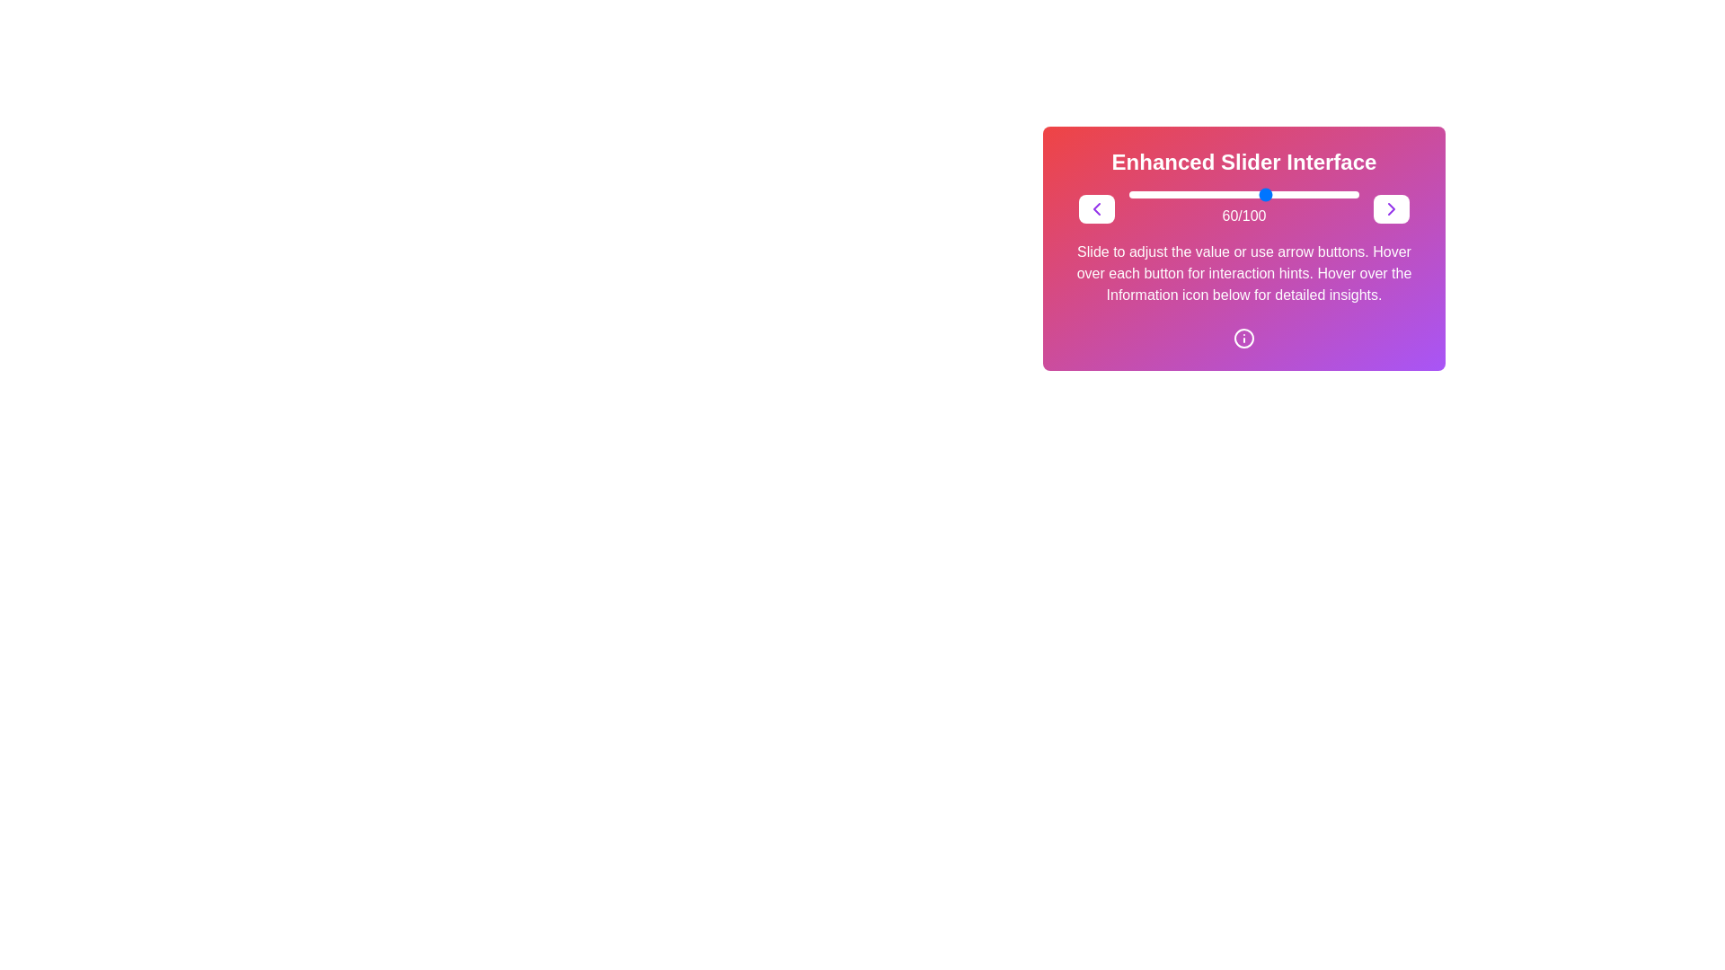 The image size is (1725, 970). What do you see at coordinates (1165, 194) in the screenshot?
I see `the slider` at bounding box center [1165, 194].